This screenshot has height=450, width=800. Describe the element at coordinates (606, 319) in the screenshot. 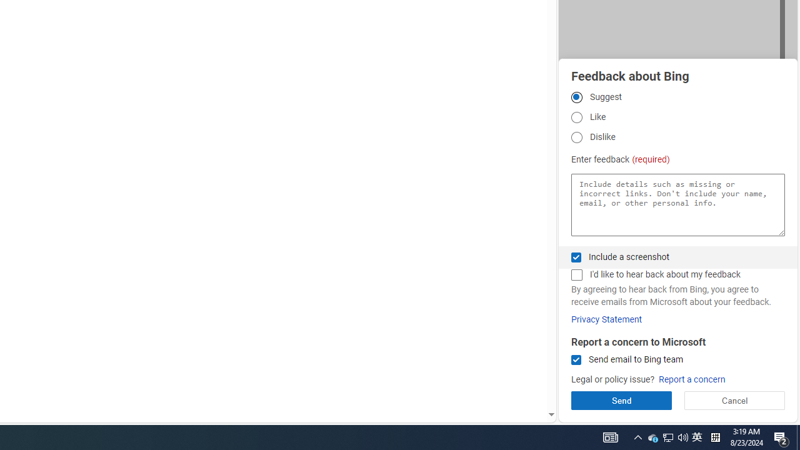

I see `'Privacy Statement'` at that location.